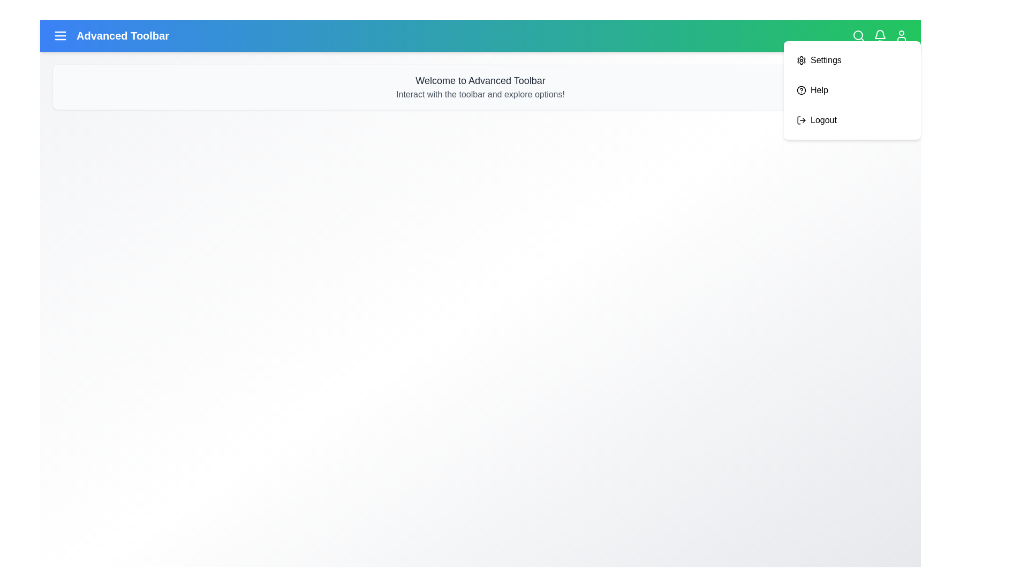 This screenshot has height=578, width=1028. What do you see at coordinates (60, 35) in the screenshot?
I see `the menu icon to toggle the main navigation menu` at bounding box center [60, 35].